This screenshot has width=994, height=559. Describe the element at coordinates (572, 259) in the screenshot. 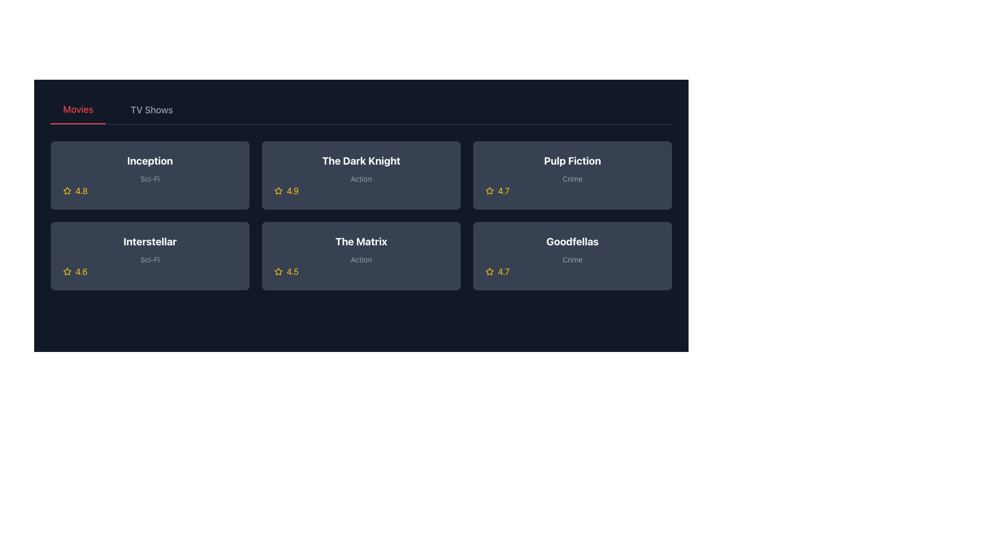

I see `the static text label indicating the genre of the movie 'Goodfellas', located beneath the title and to the right of the rating stars` at that location.